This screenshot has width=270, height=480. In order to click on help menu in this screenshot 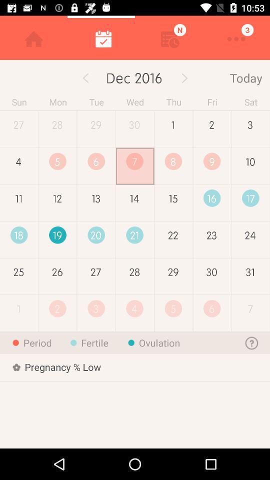, I will do `click(251, 342)`.